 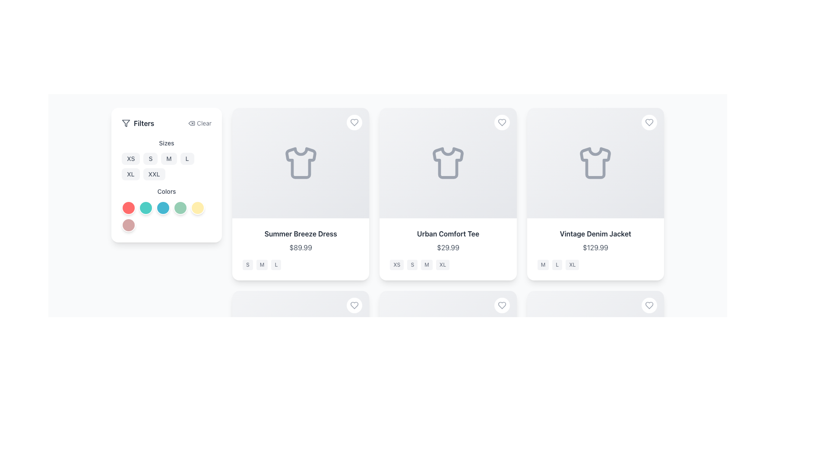 What do you see at coordinates (126, 123) in the screenshot?
I see `the filter icon located at the top-left corner of the filter panel, which serves as a graphical representation for filtering options` at bounding box center [126, 123].